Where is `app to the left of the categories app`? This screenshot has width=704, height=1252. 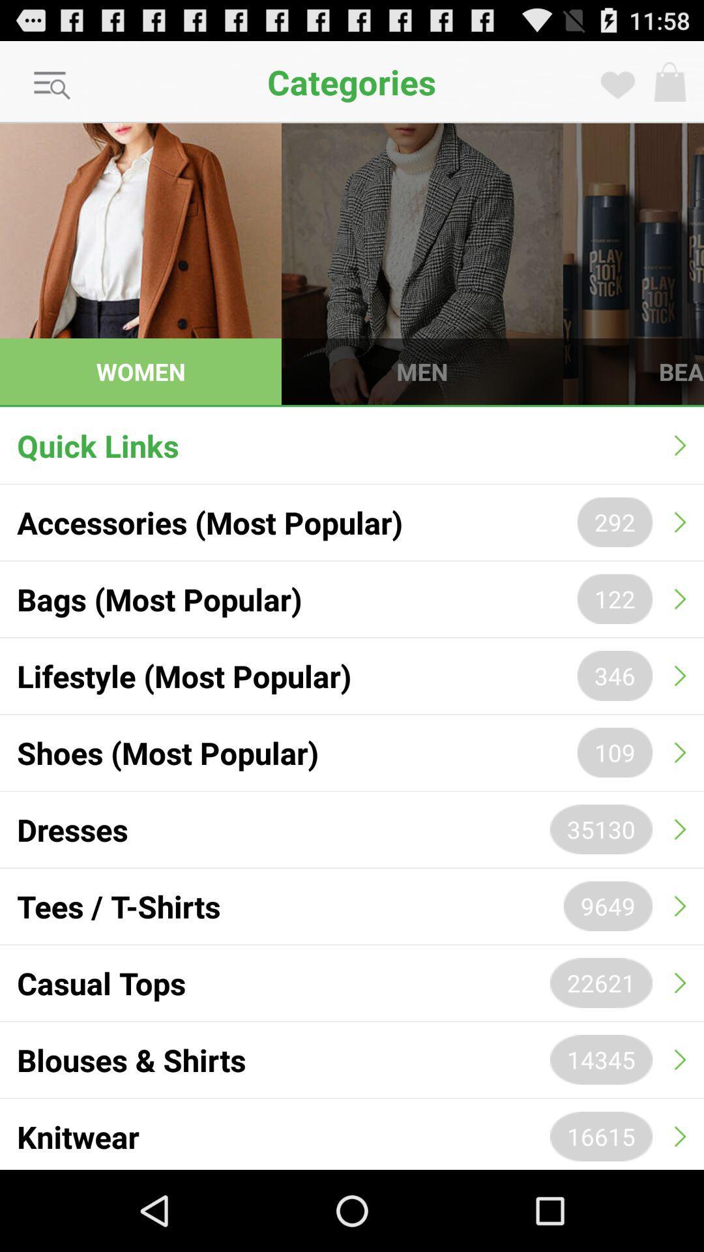
app to the left of the categories app is located at coordinates (52, 85).